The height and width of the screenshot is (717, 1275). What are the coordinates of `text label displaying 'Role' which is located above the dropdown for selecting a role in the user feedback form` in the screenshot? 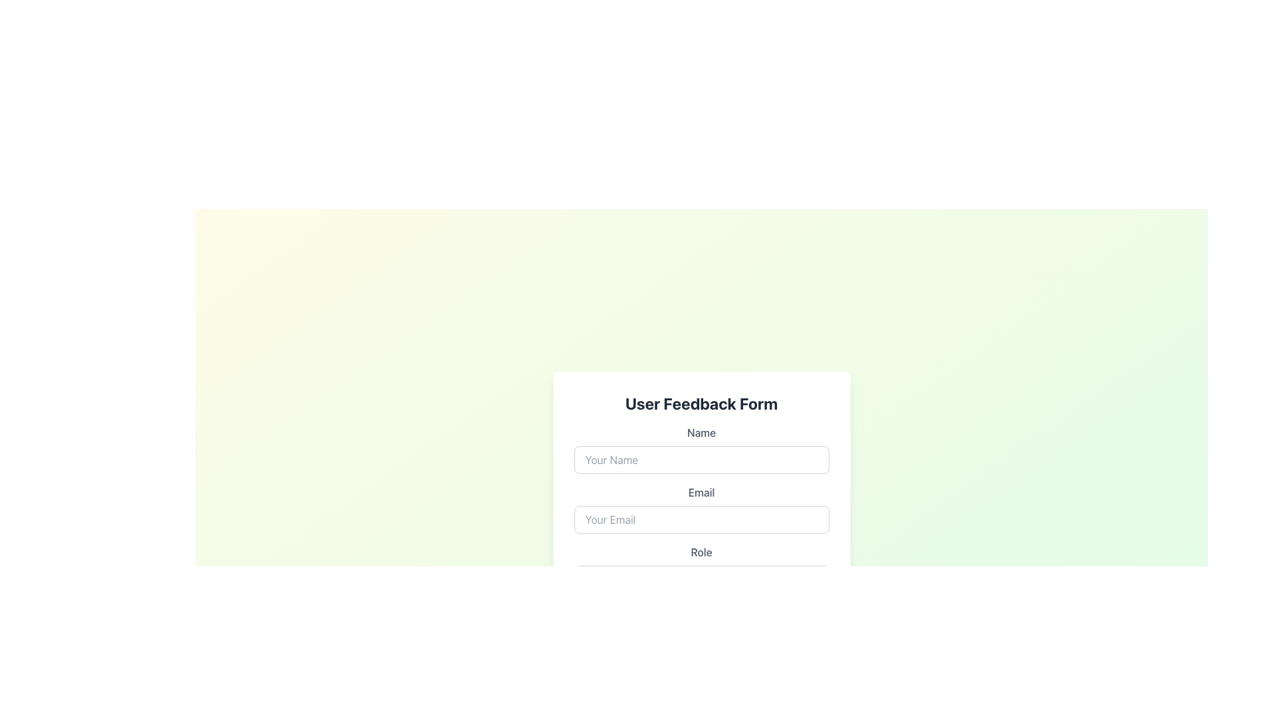 It's located at (701, 552).